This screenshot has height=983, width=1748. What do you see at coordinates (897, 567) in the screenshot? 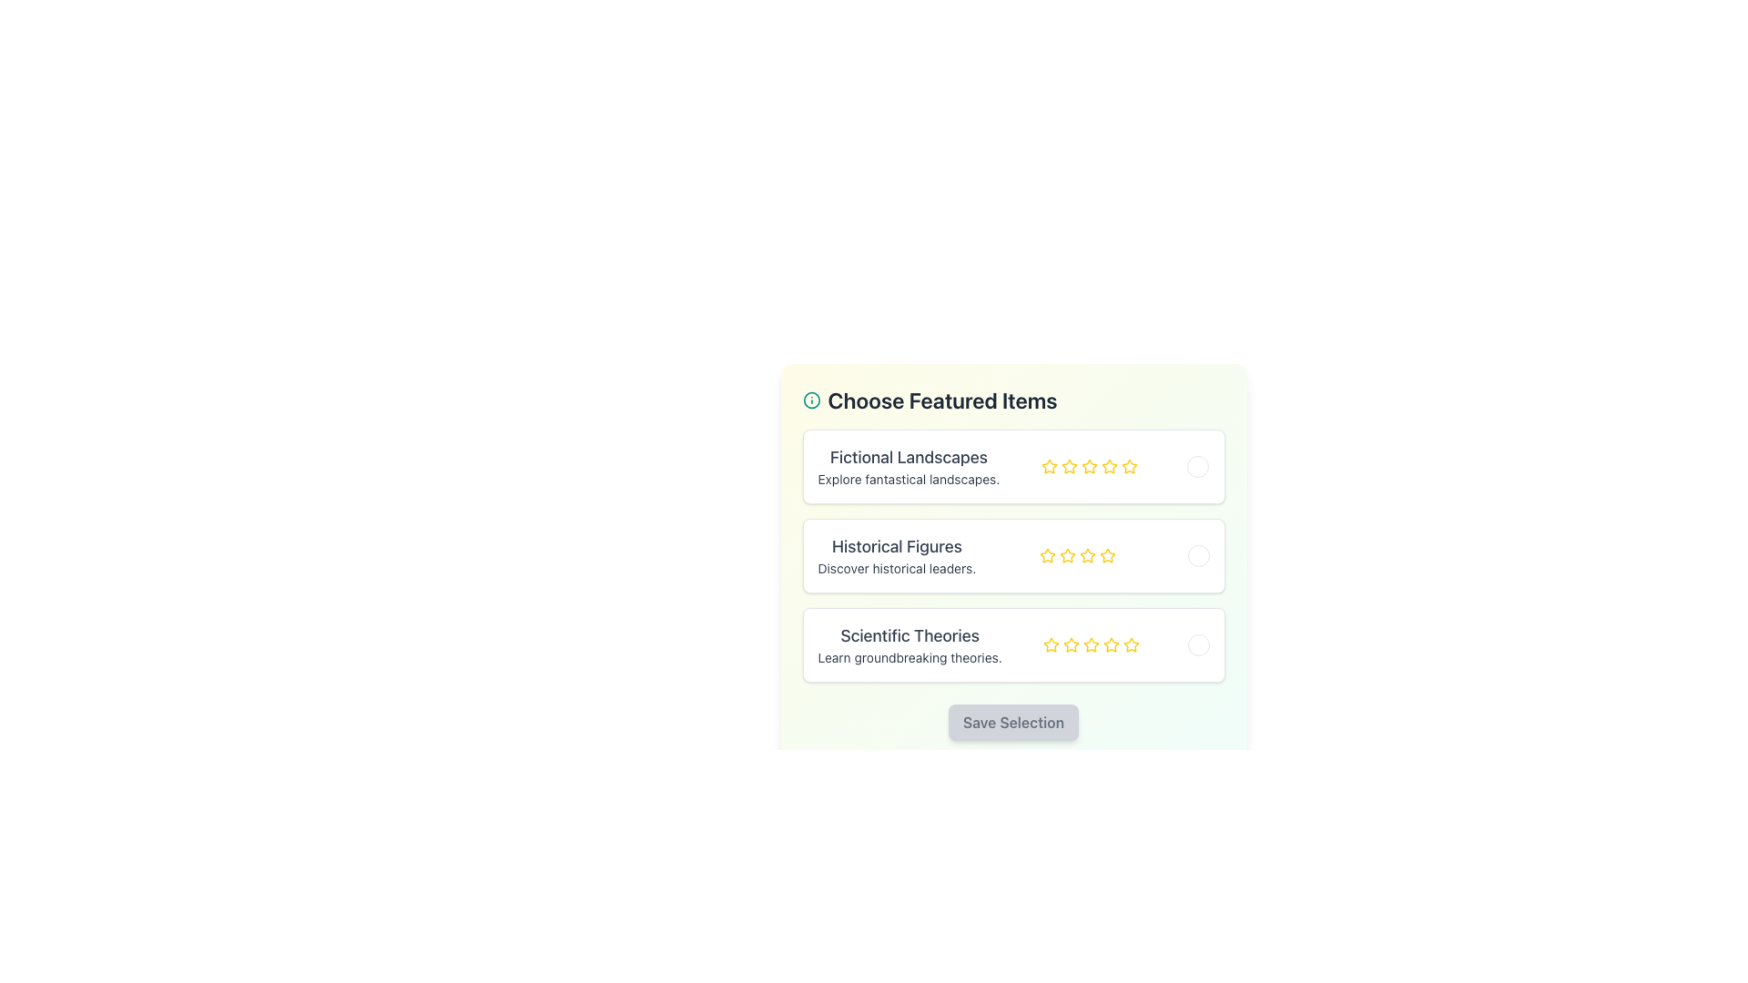
I see `the text label providing descriptive information about 'Historical Figures', located in the second list item of a vertical list within a card-like grouping, directly below the title` at bounding box center [897, 567].